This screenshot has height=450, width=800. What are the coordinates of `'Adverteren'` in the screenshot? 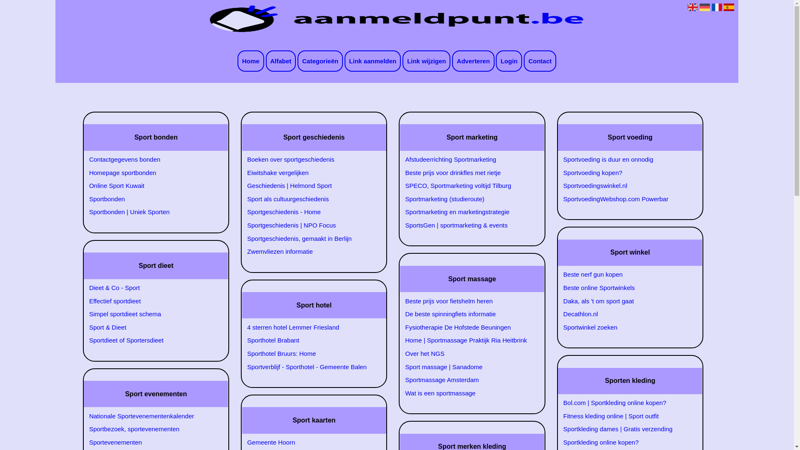 It's located at (451, 60).